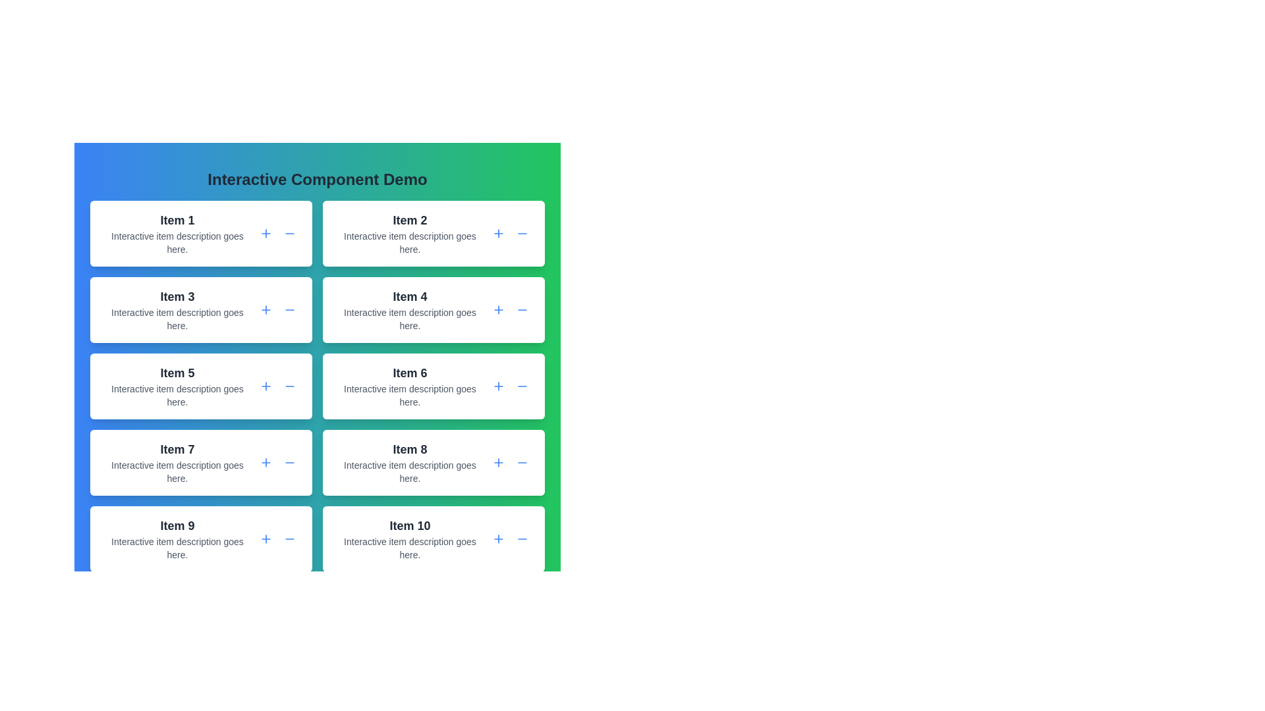  What do you see at coordinates (265, 232) in the screenshot?
I see `the plus sign icon button with a blue hue, located to the right of 'Item 1'` at bounding box center [265, 232].